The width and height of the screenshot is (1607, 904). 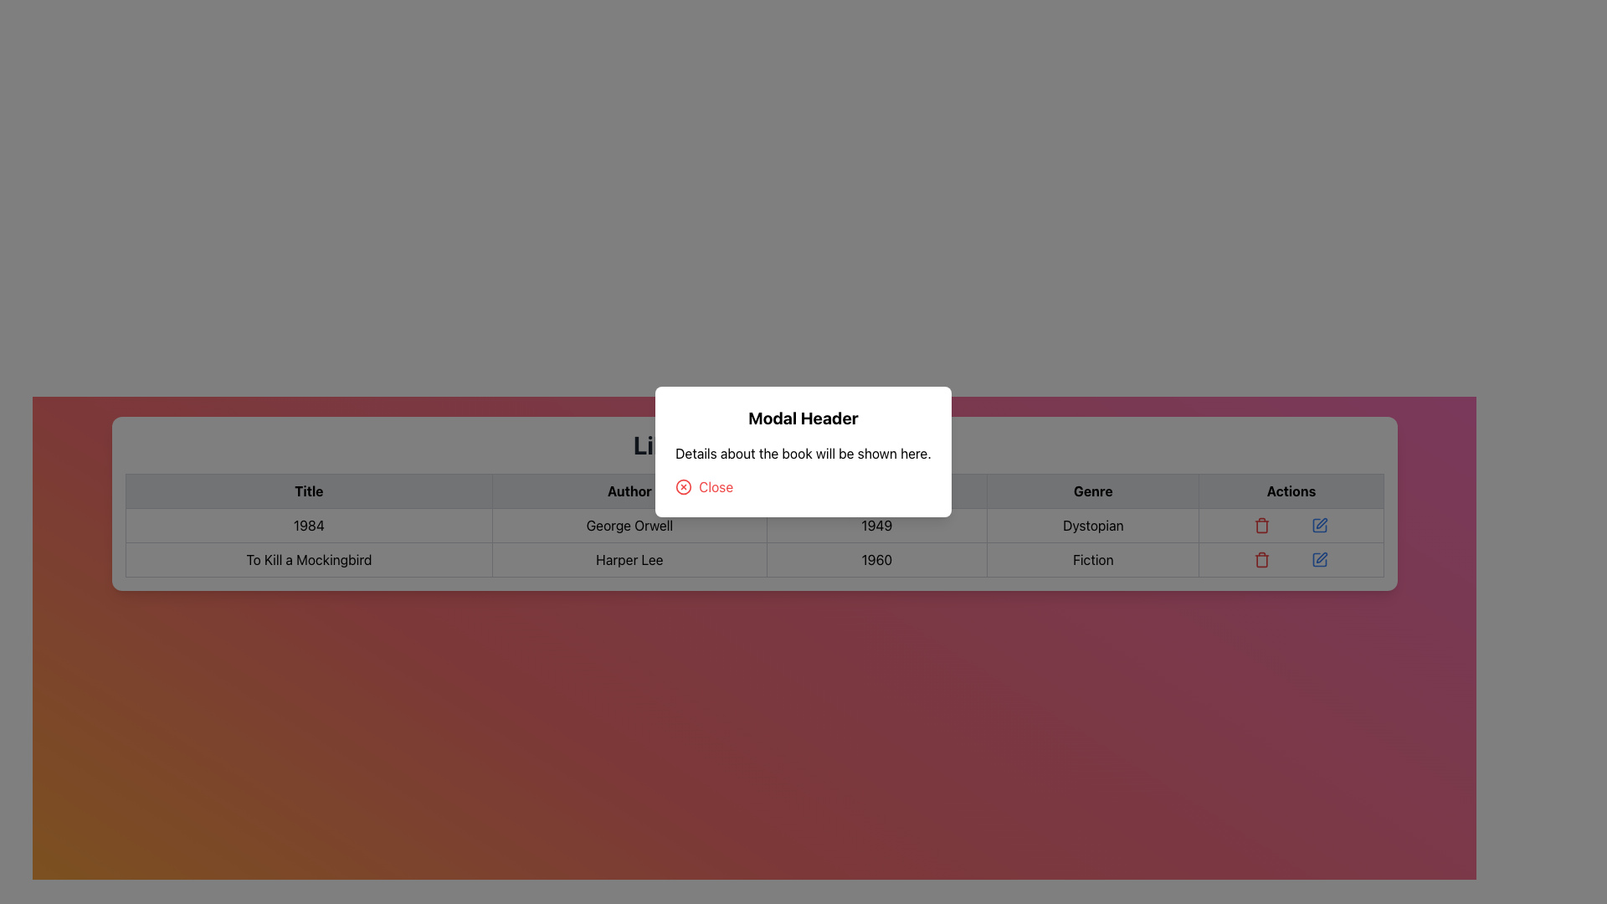 What do you see at coordinates (1319, 525) in the screenshot?
I see `the Edit button located on the far right of the second row in the 'Actions' column of the table, following the red trash can icon` at bounding box center [1319, 525].